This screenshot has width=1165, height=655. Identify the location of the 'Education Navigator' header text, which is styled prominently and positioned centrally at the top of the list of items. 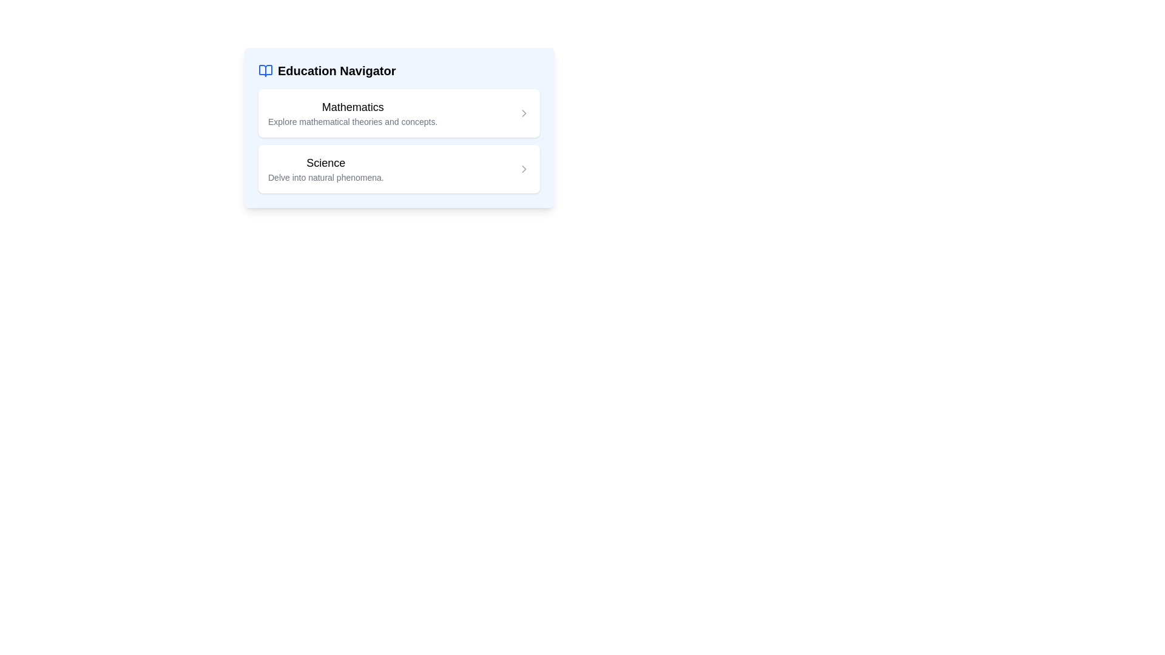
(327, 70).